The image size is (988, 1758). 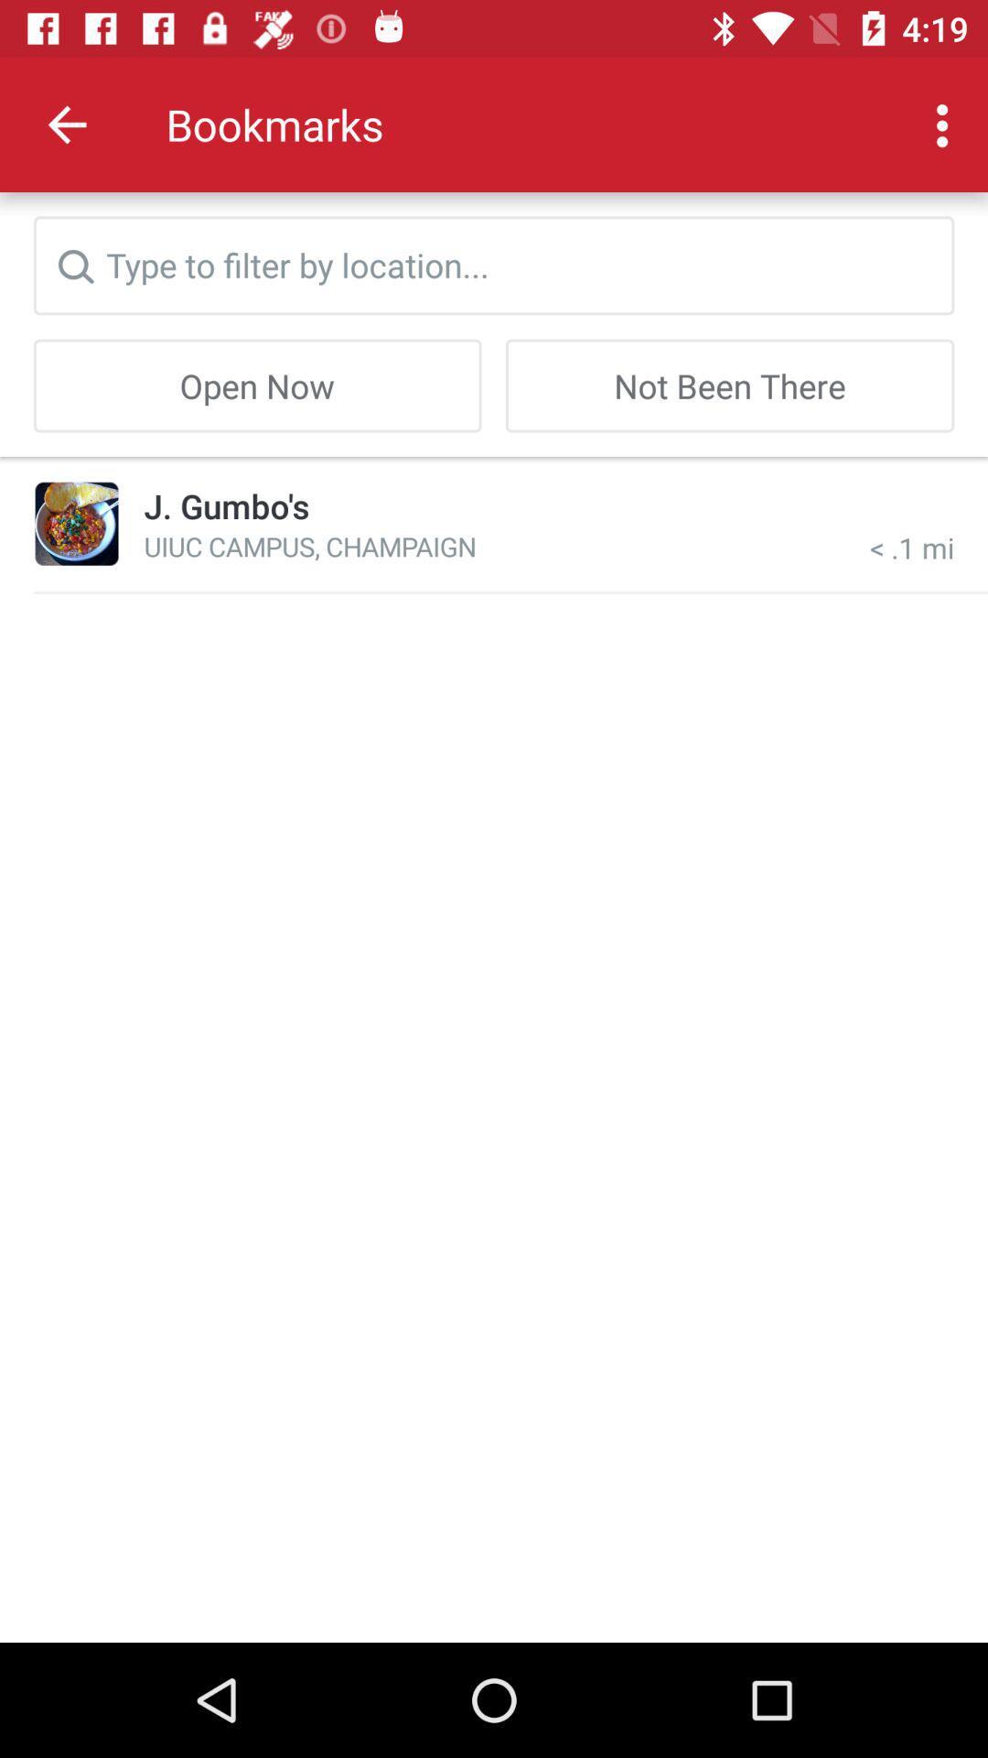 What do you see at coordinates (729, 385) in the screenshot?
I see `item next to the open now` at bounding box center [729, 385].